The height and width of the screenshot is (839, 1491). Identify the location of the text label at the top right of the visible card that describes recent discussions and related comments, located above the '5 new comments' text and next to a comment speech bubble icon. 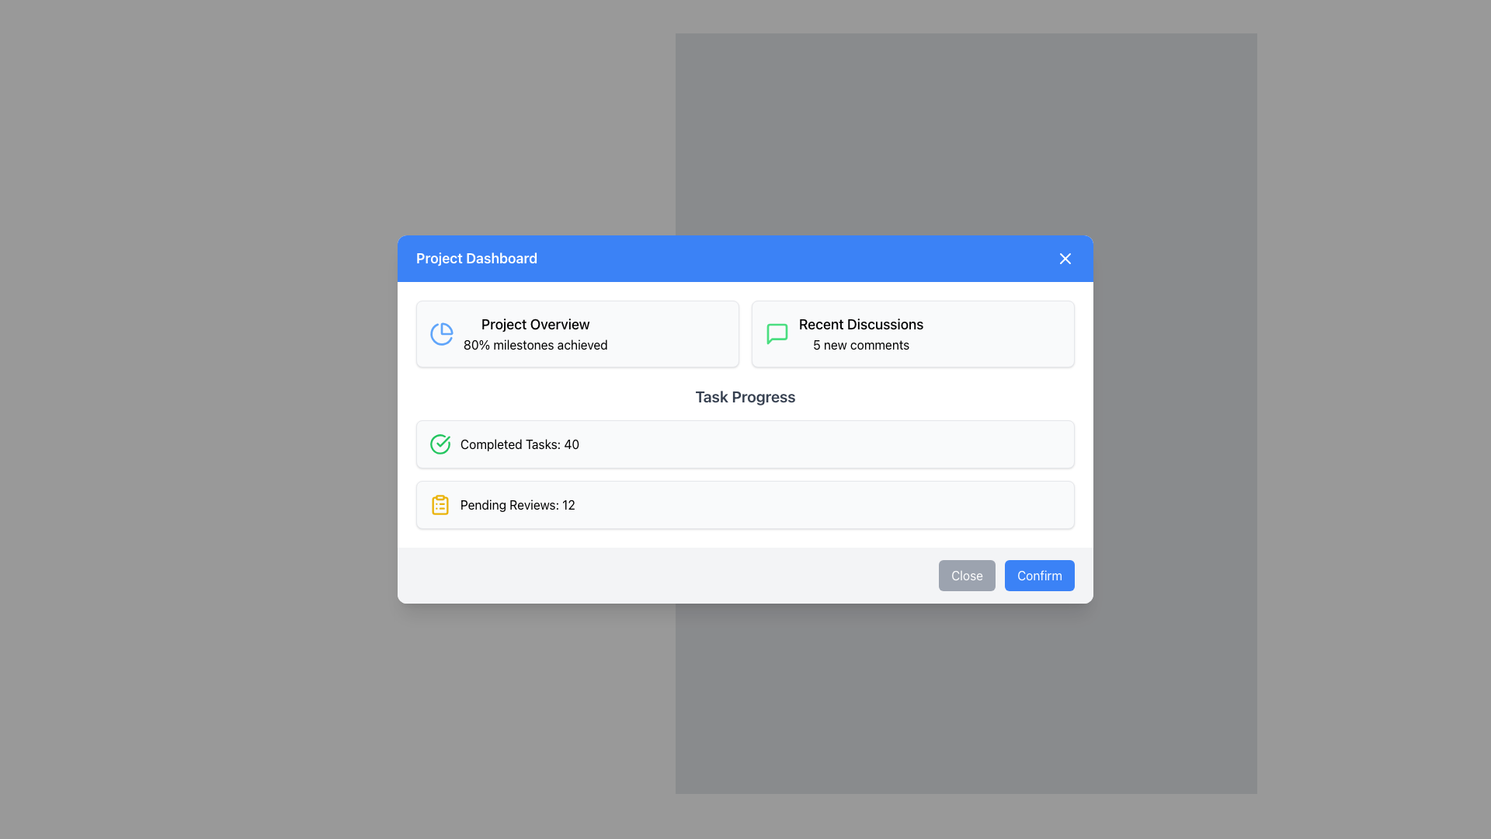
(860, 323).